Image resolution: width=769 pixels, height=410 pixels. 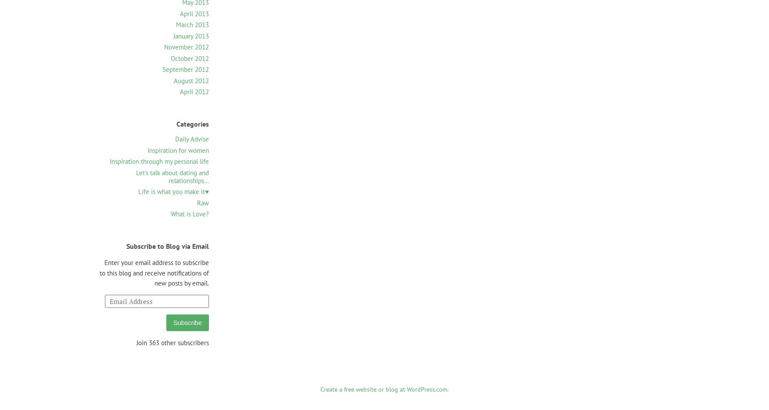 What do you see at coordinates (191, 138) in the screenshot?
I see `'Daily Advise'` at bounding box center [191, 138].